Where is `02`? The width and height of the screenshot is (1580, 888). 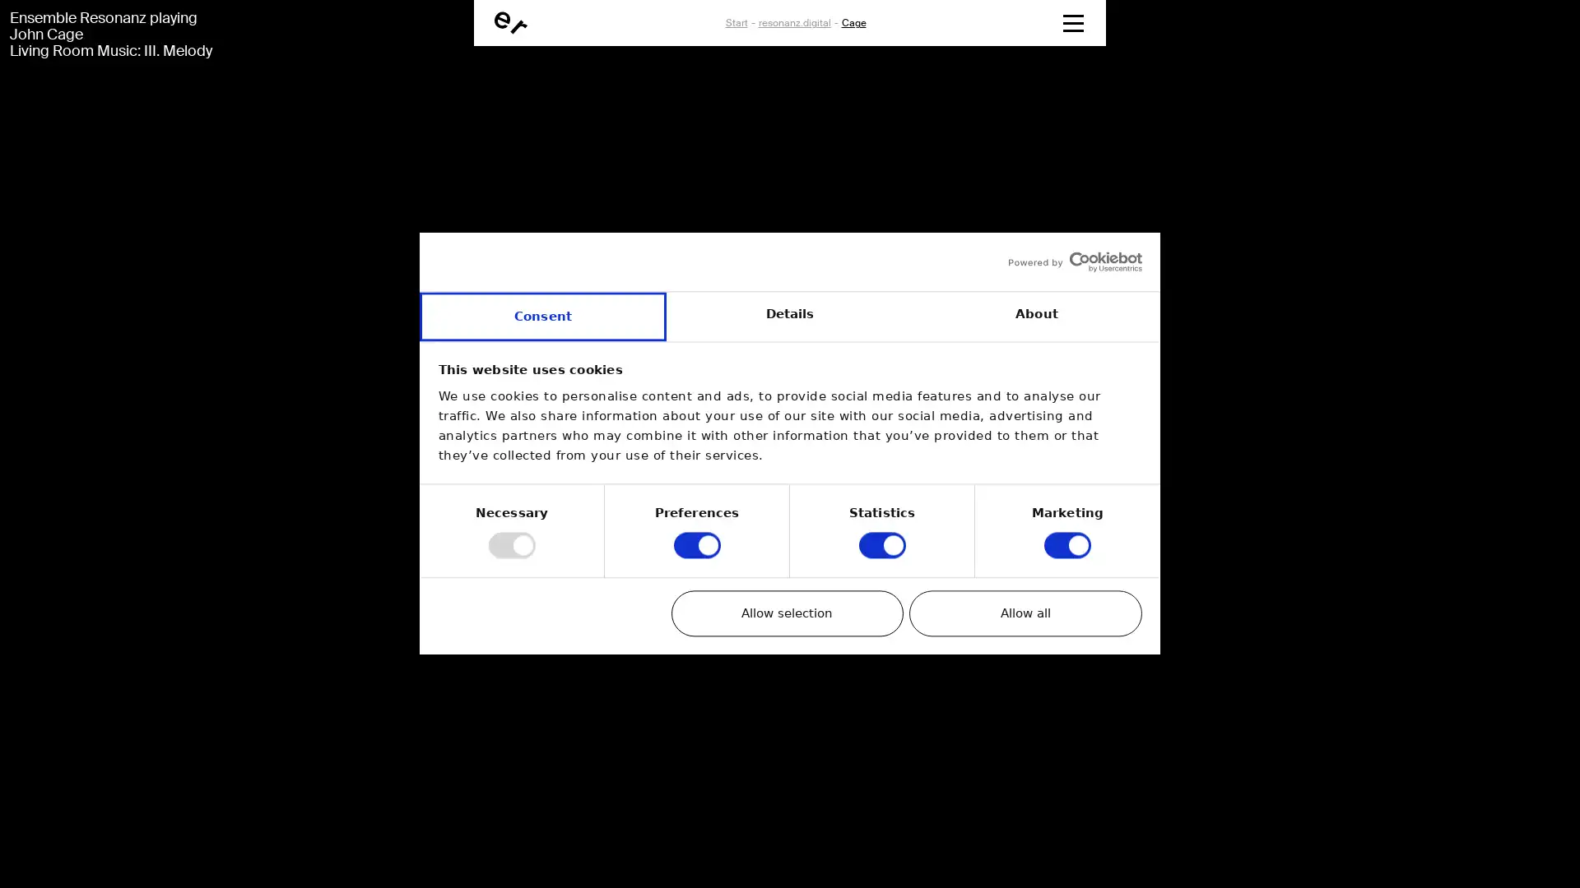 02 is located at coordinates (174, 868).